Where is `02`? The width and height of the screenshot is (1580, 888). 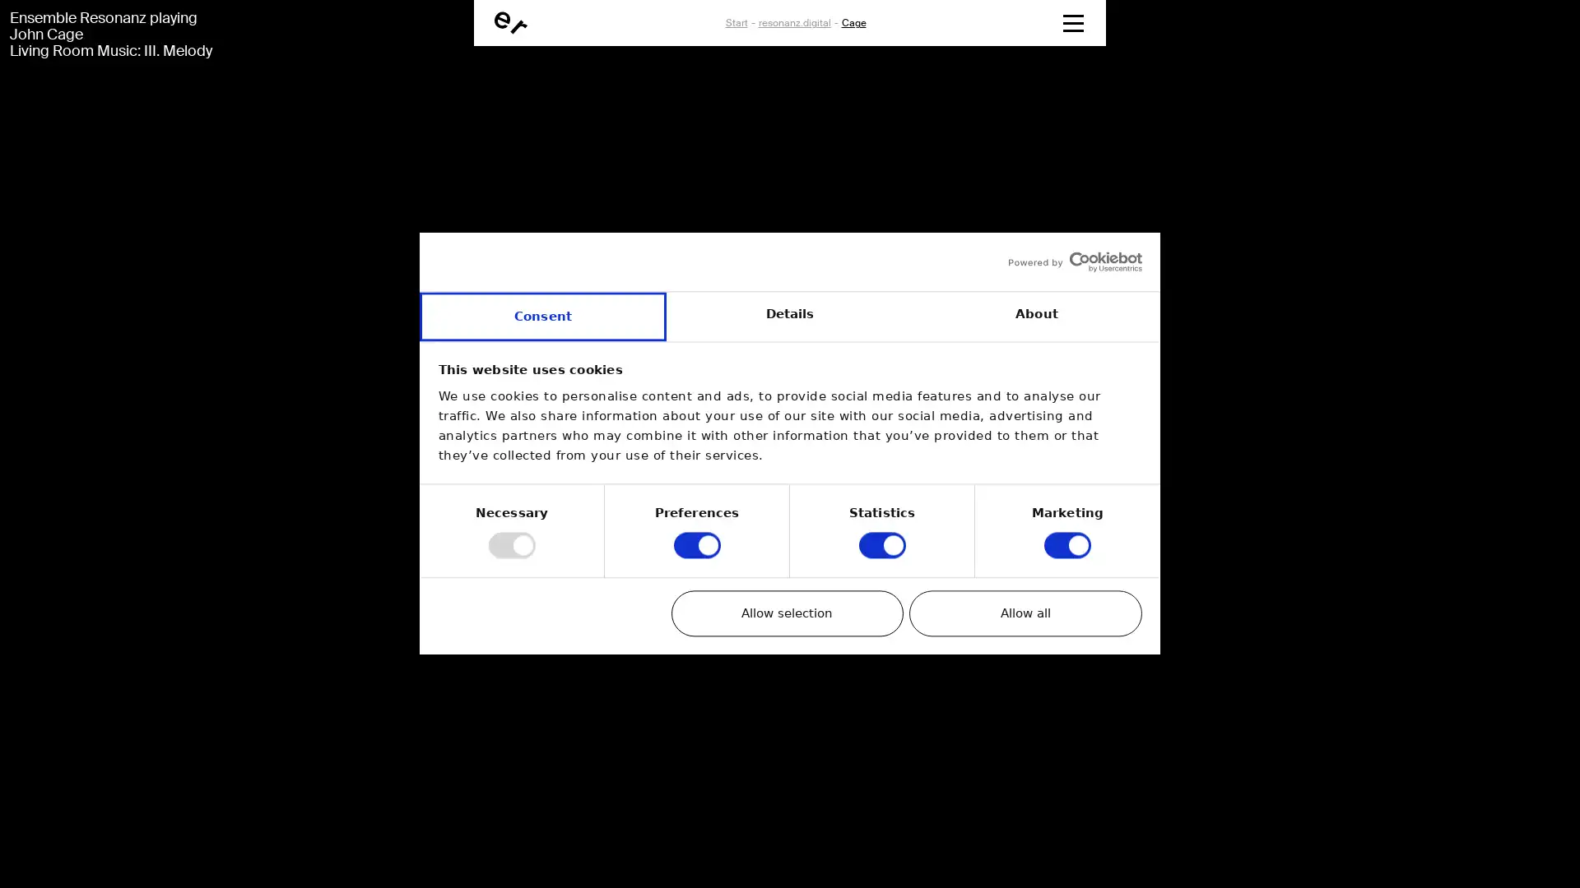 02 is located at coordinates (174, 868).